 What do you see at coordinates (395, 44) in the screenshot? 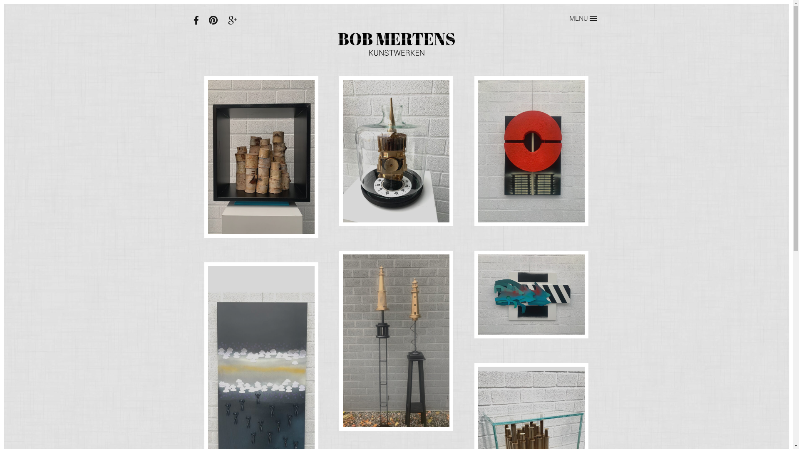
I see `'Bob Mertens'` at bounding box center [395, 44].